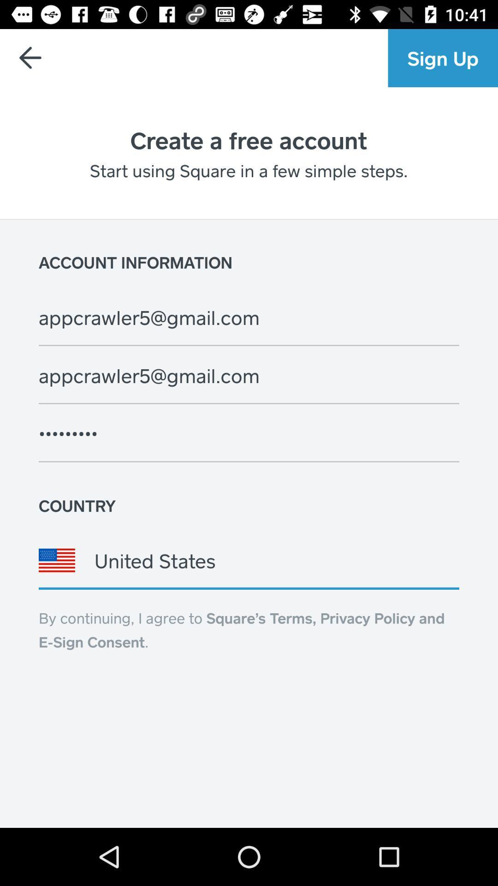  Describe the element at coordinates (249, 433) in the screenshot. I see `item above country` at that location.